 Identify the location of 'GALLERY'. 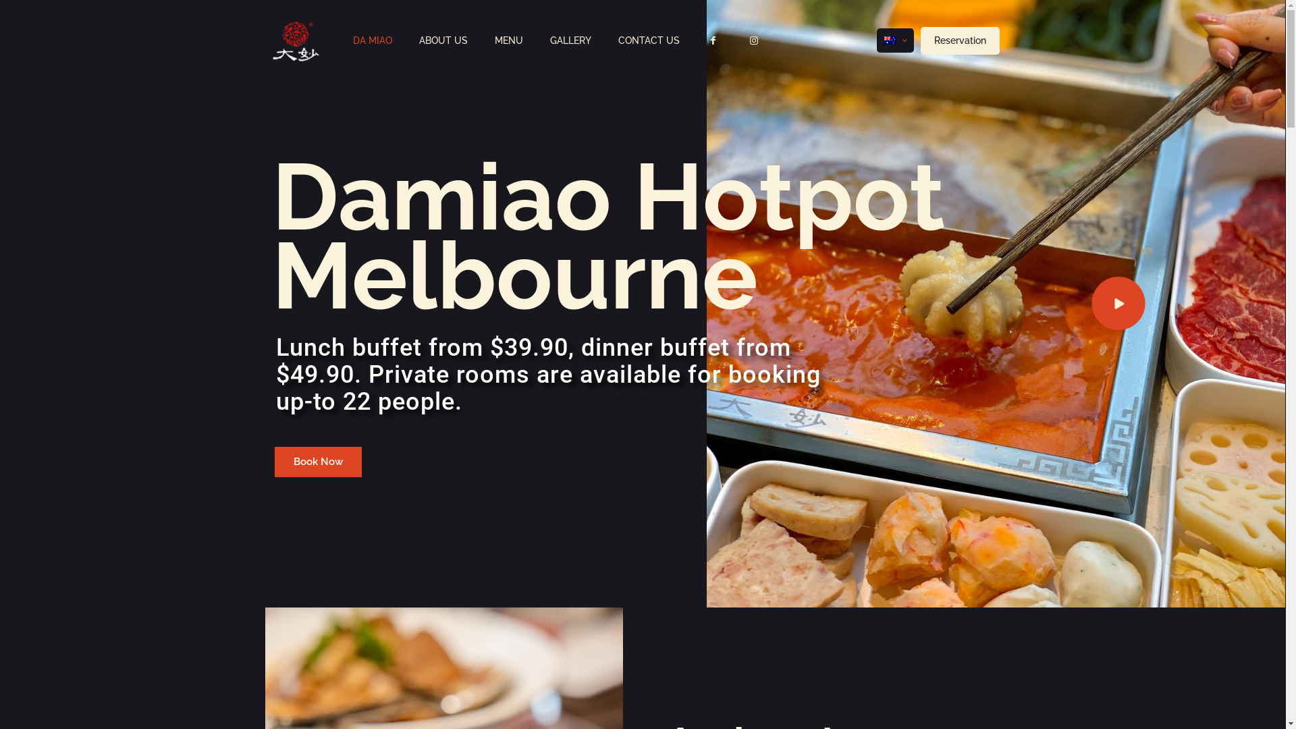
(536, 40).